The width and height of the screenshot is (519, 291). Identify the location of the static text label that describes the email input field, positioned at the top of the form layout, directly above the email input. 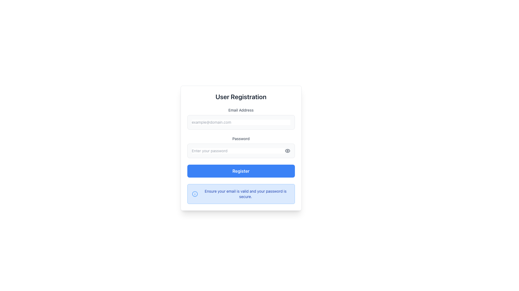
(241, 110).